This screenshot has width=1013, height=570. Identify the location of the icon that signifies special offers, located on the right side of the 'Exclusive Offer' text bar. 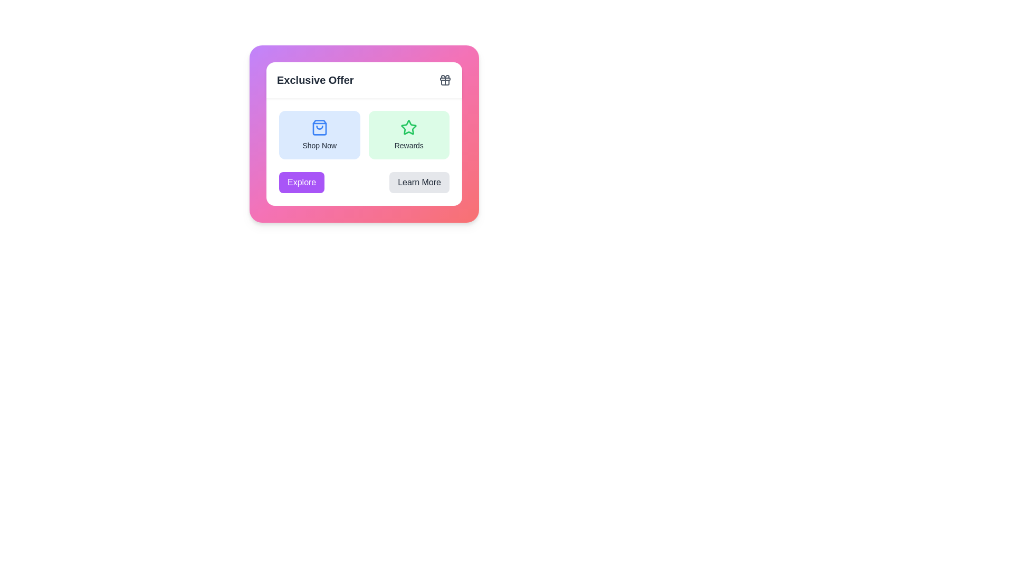
(445, 79).